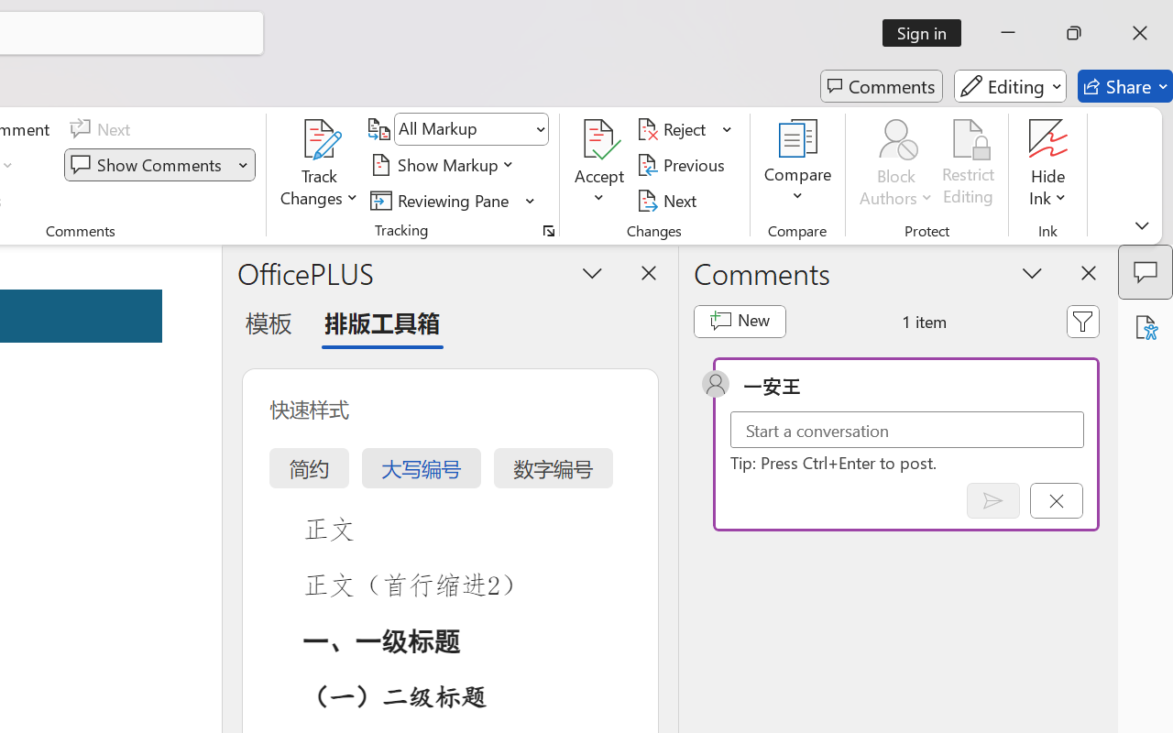  I want to click on 'Compare', so click(798, 164).